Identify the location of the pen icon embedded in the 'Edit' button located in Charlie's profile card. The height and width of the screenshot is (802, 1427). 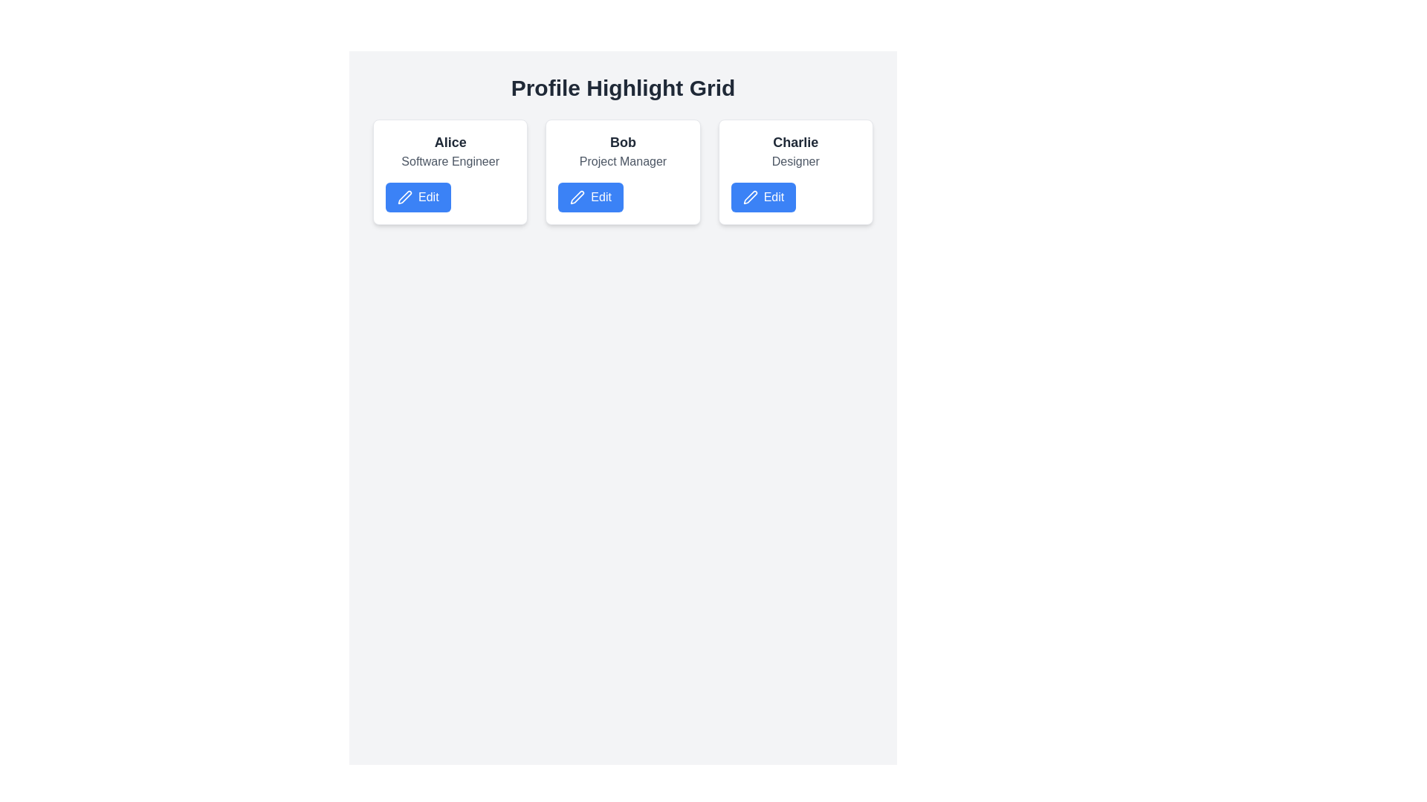
(750, 197).